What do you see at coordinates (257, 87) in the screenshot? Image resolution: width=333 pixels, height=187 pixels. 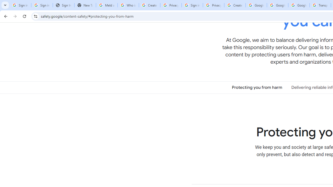 I see `'Protecting you from harm'` at bounding box center [257, 87].